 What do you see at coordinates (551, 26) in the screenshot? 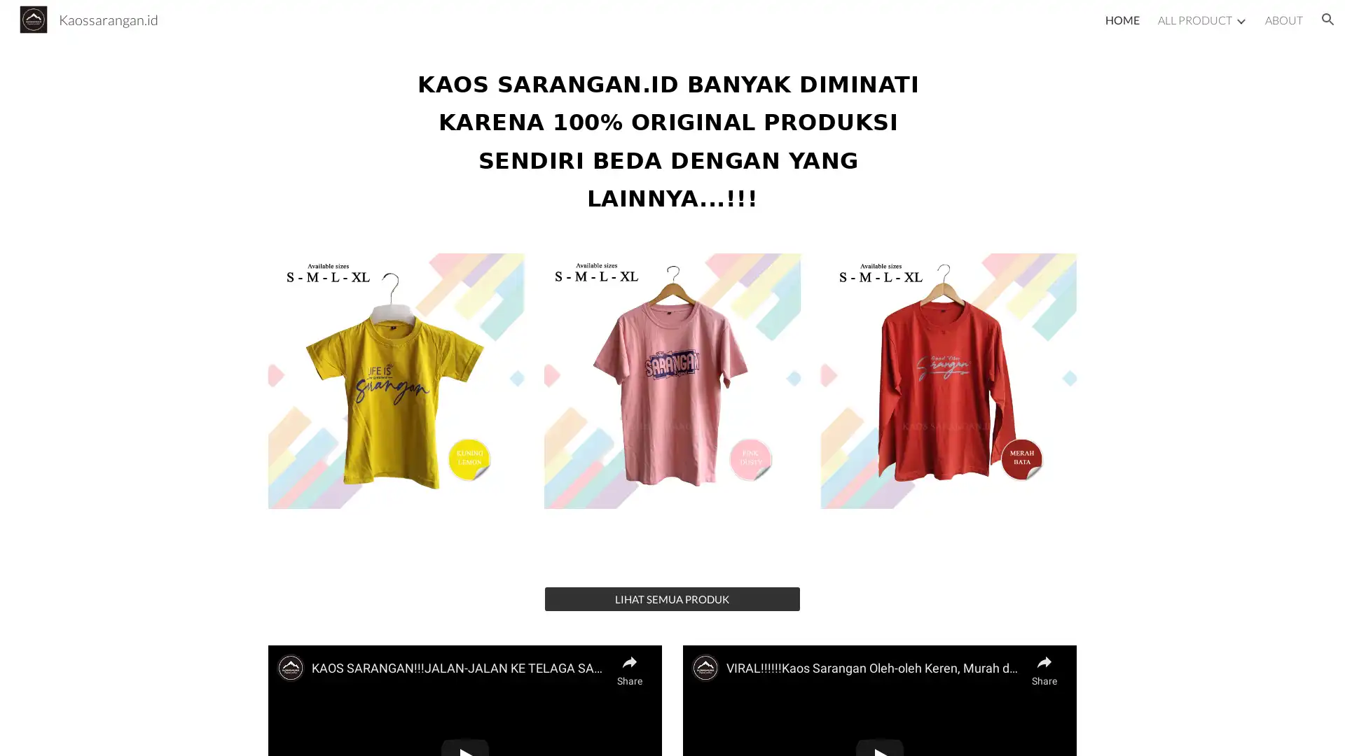
I see `Skip to main content` at bounding box center [551, 26].